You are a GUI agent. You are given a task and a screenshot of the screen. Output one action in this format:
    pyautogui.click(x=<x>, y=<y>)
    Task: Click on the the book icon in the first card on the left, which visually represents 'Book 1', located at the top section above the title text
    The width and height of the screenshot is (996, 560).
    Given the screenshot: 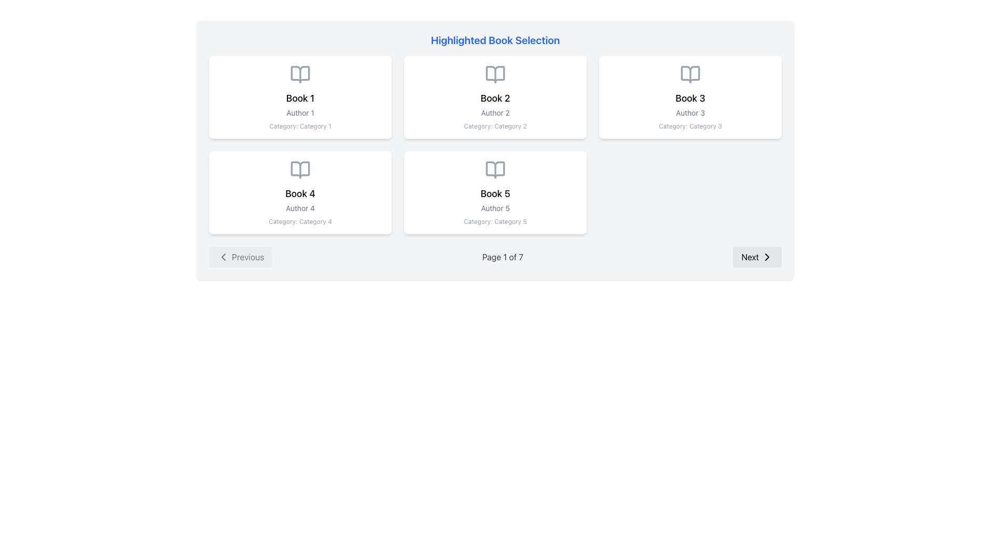 What is the action you would take?
    pyautogui.click(x=300, y=74)
    